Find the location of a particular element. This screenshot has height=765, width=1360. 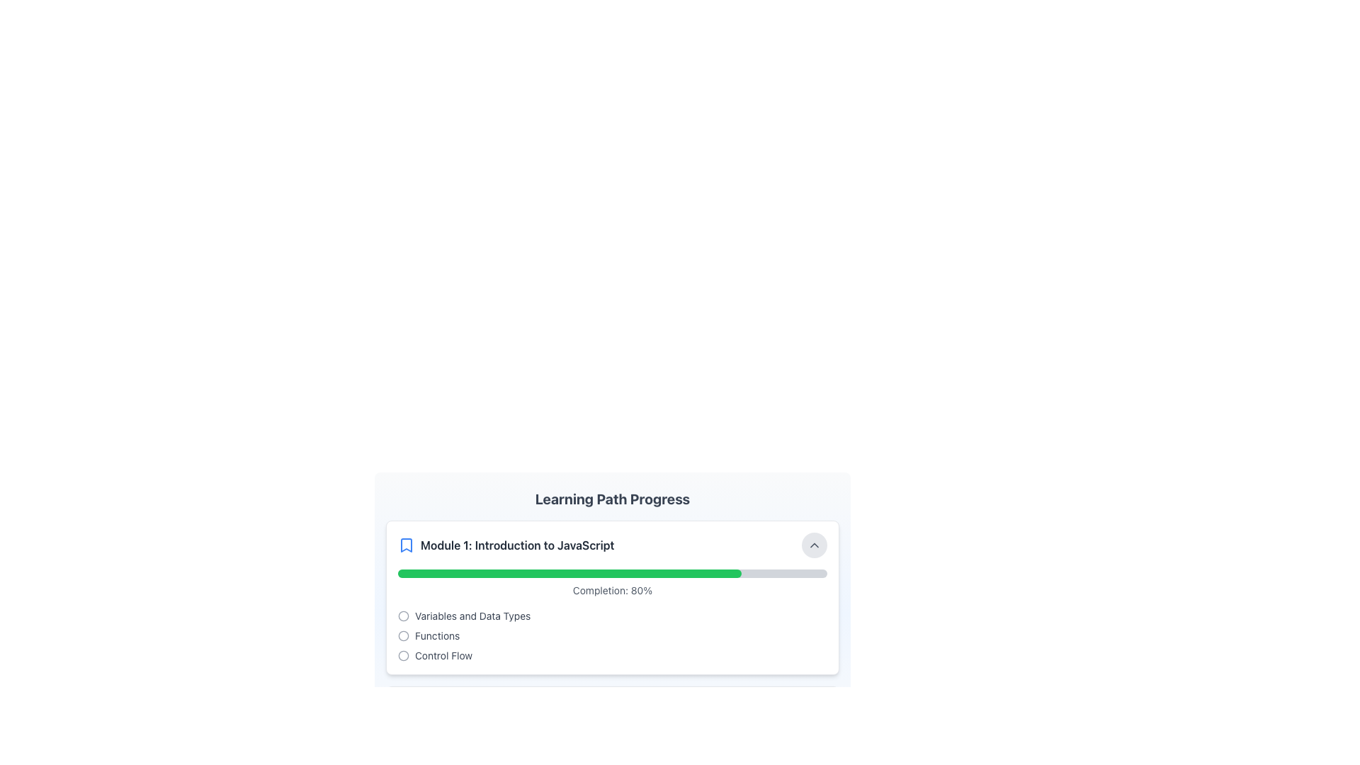

the 'Functions' text label, which is styled in a smaller font size and light gray color is located at coordinates (436, 635).